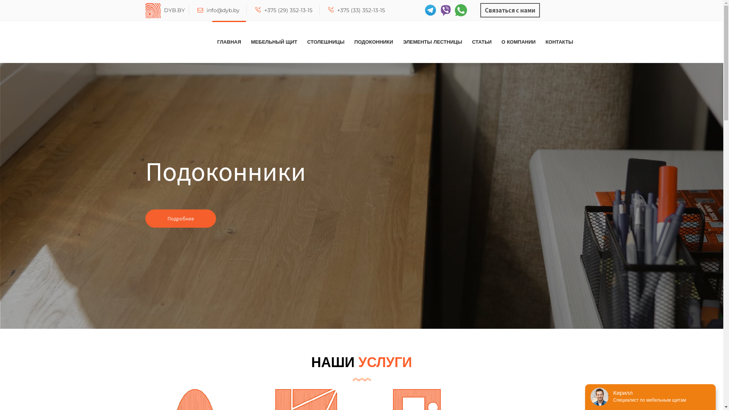  What do you see at coordinates (283, 10) in the screenshot?
I see `'+375 (29) 352-13-15'` at bounding box center [283, 10].